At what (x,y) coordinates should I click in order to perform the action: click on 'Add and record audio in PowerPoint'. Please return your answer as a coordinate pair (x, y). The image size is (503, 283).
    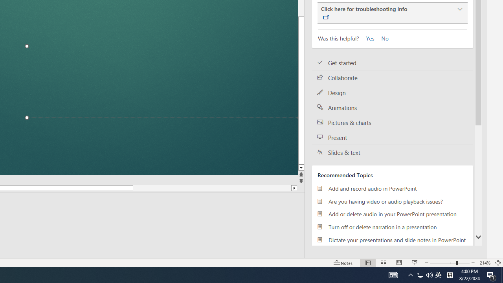
    Looking at the image, I should click on (393, 188).